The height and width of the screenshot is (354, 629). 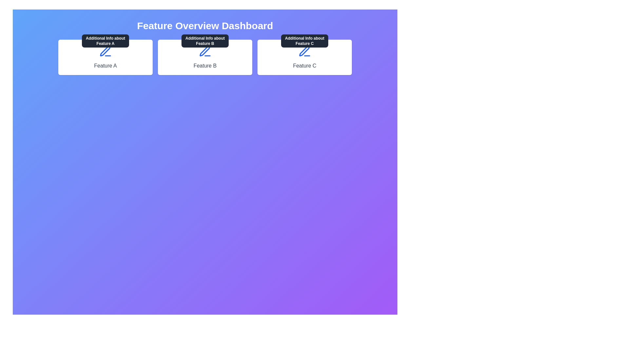 I want to click on the Information card that represents 'Feature B', which is the second item in a three-item grid layout, centrally positioned between 'Feature A' and 'Feature C', so click(x=204, y=57).